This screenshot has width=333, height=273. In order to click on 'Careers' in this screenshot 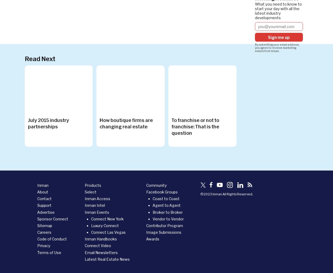, I will do `click(44, 232)`.